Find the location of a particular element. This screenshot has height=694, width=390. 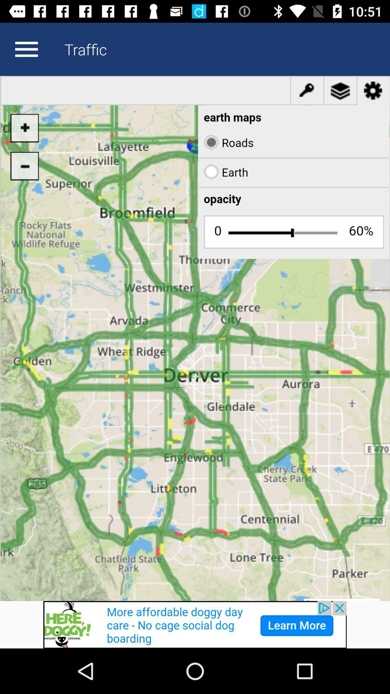

menu button is located at coordinates (26, 49).